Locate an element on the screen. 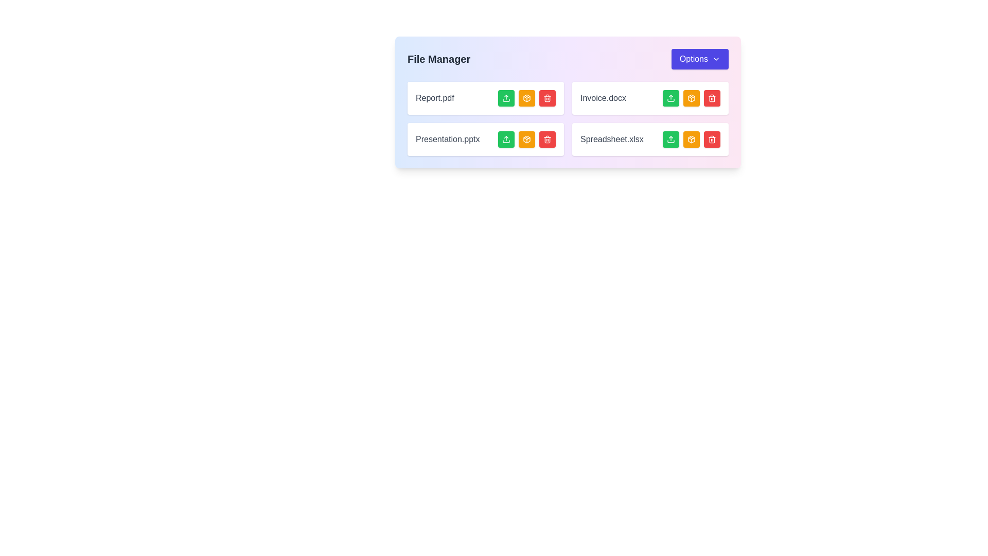  the delete icon for the file 'Presentation.pptx' located in the file manager, which is the last icon in the second row of file actions is located at coordinates (547, 139).